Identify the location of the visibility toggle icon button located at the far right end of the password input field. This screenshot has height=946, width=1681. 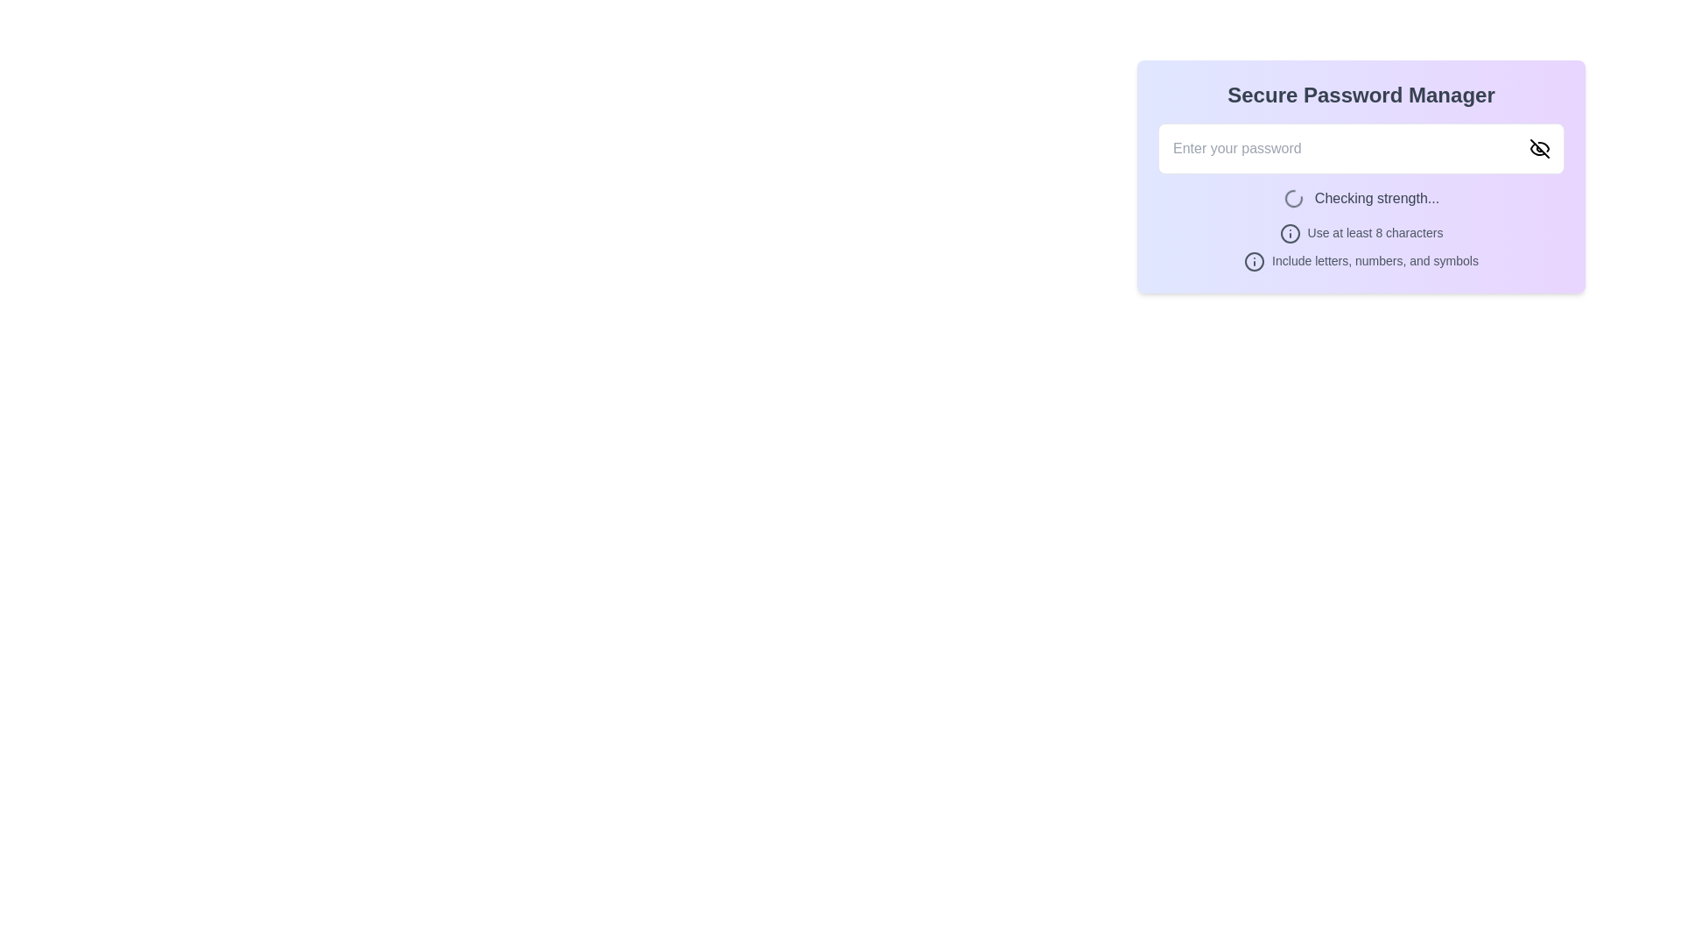
(1538, 147).